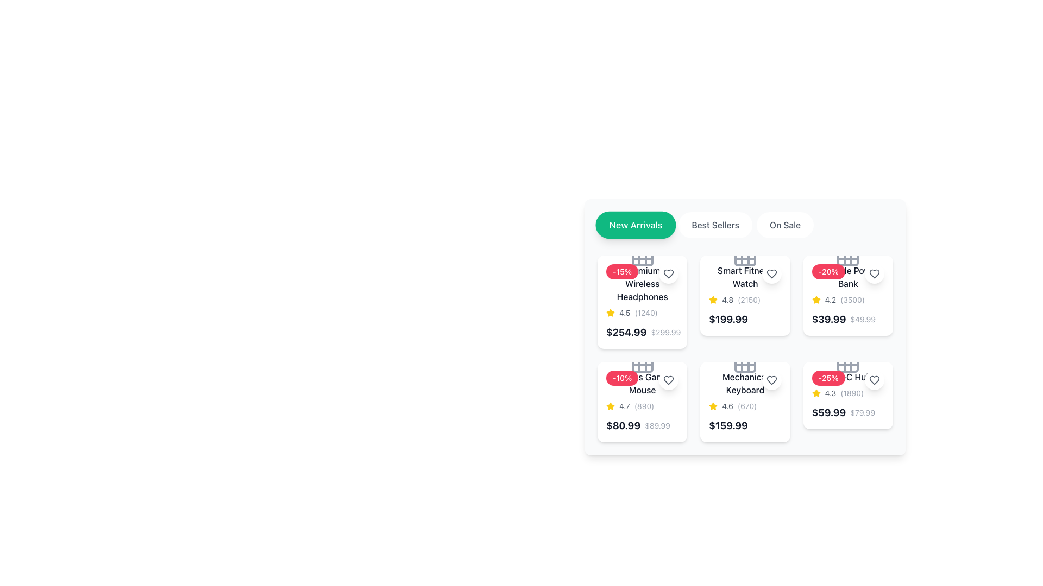 This screenshot has width=1043, height=586. Describe the element at coordinates (828, 378) in the screenshot. I see `the discount percentage label located at the top-left corner of the product card in the second row and third column of the grid` at that location.